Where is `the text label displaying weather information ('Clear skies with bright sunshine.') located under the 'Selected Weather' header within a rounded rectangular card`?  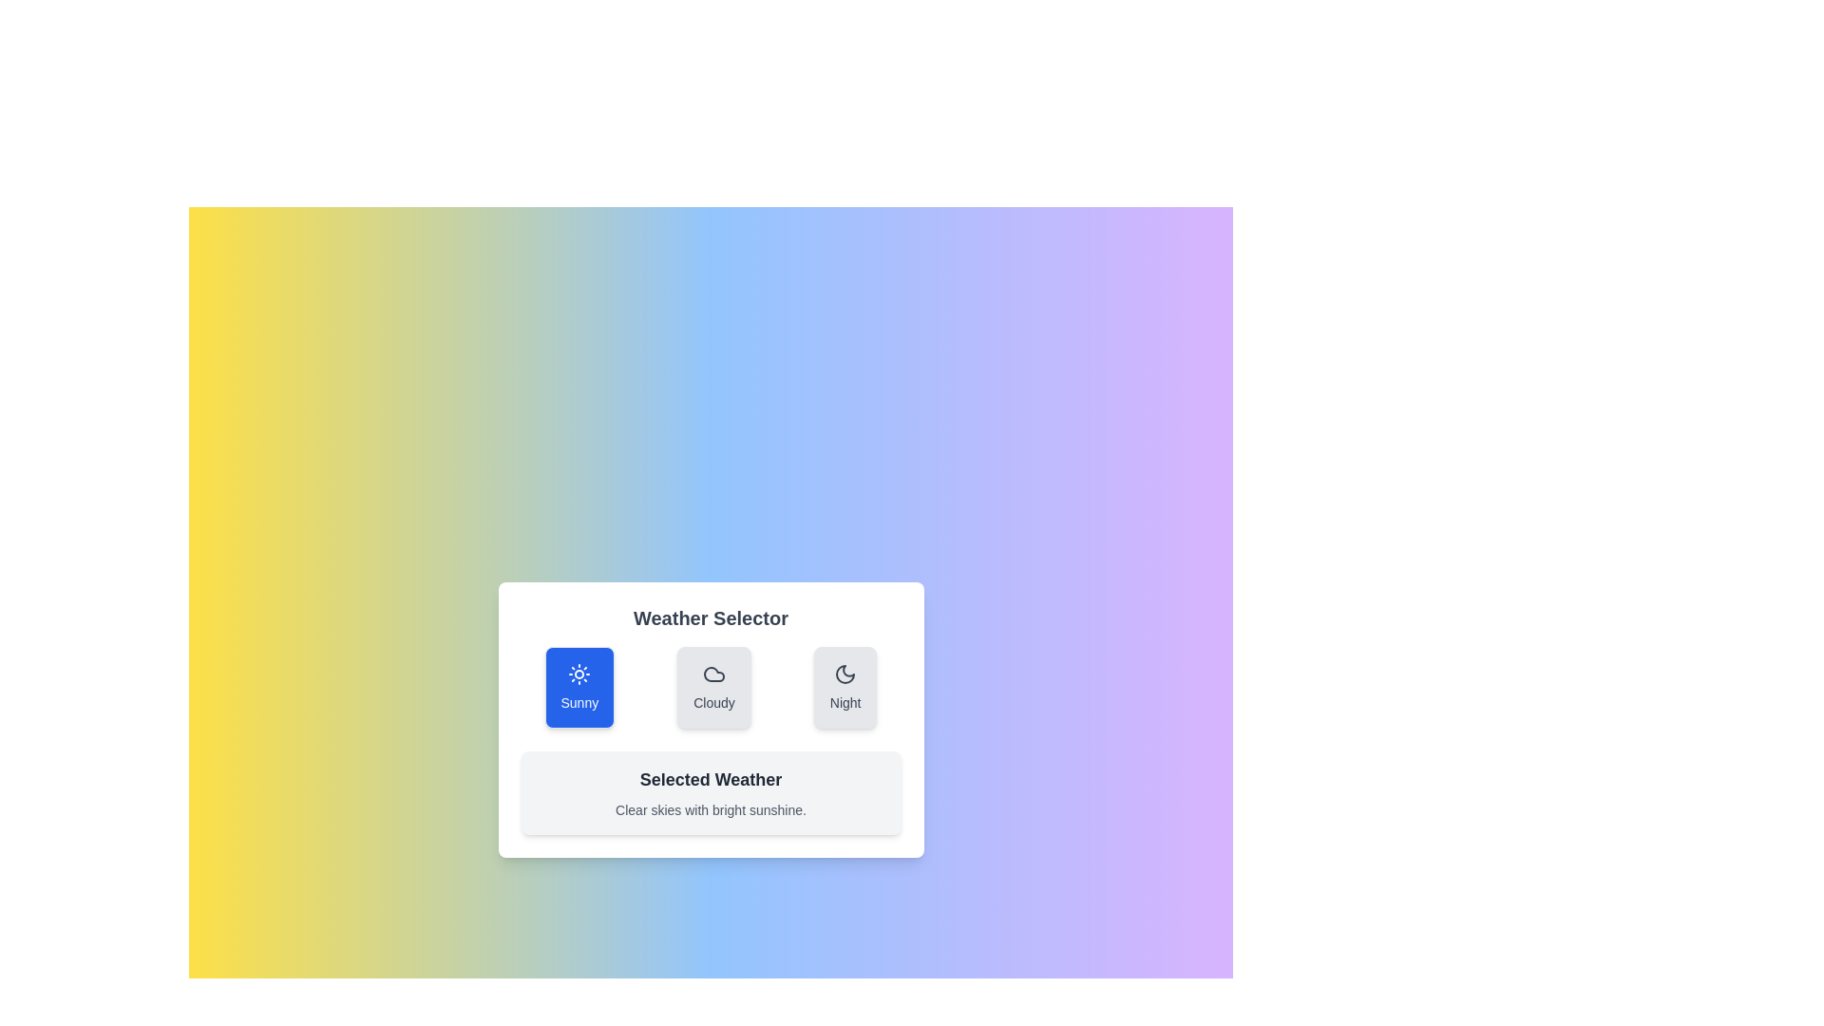
the text label displaying weather information ('Clear skies with bright sunshine.') located under the 'Selected Weather' header within a rounded rectangular card is located at coordinates (710, 809).